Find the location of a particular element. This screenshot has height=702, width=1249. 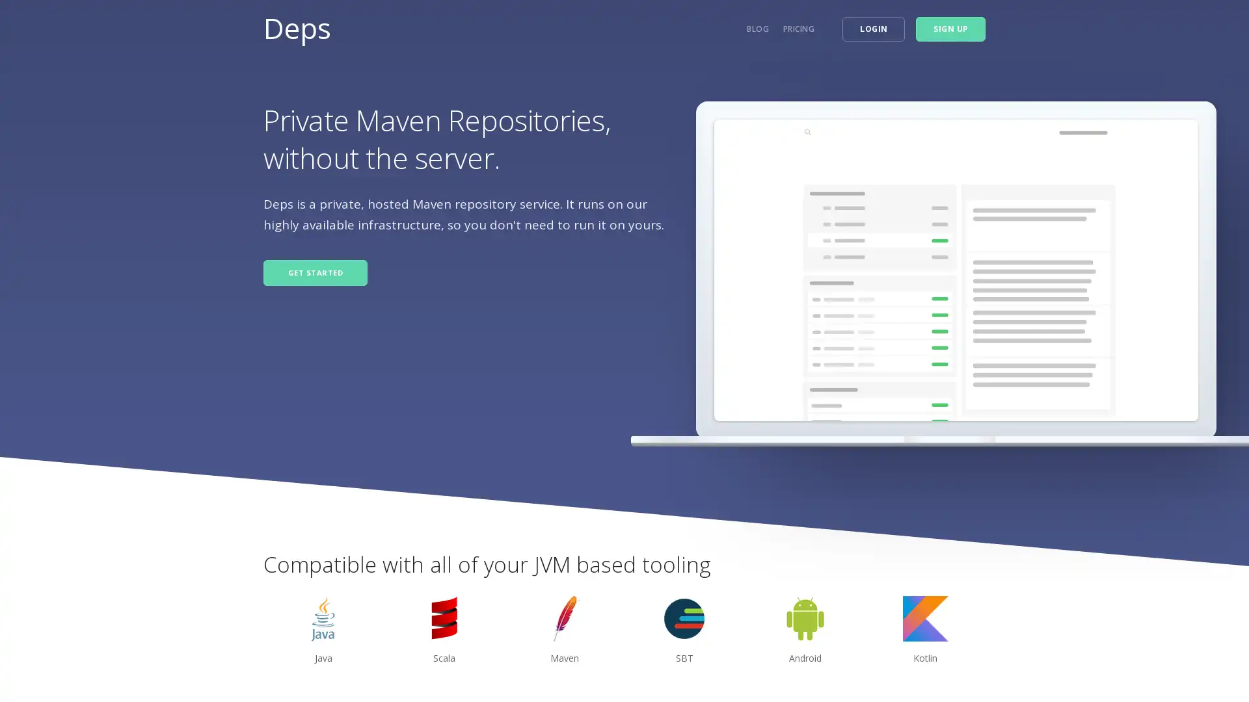

next is located at coordinates (973, 630).